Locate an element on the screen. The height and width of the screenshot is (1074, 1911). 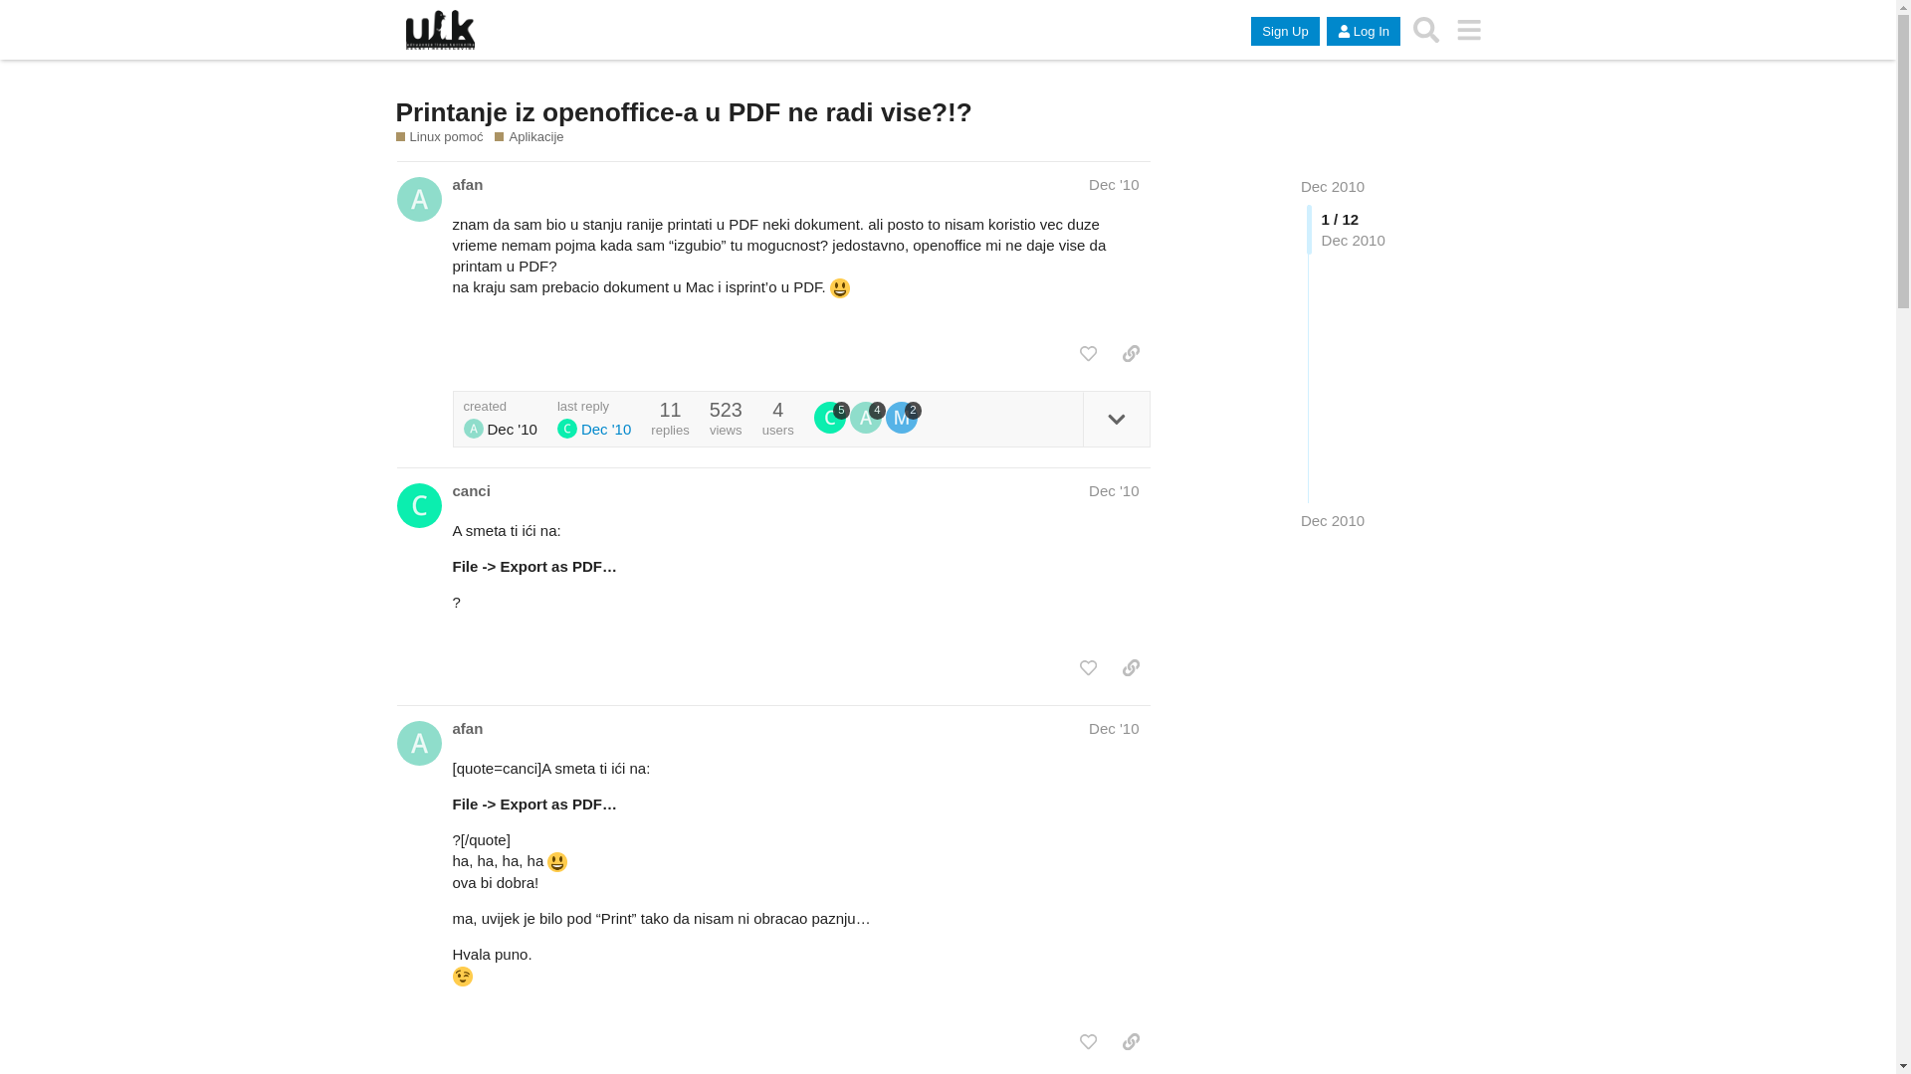
'Dec 2010' is located at coordinates (1333, 186).